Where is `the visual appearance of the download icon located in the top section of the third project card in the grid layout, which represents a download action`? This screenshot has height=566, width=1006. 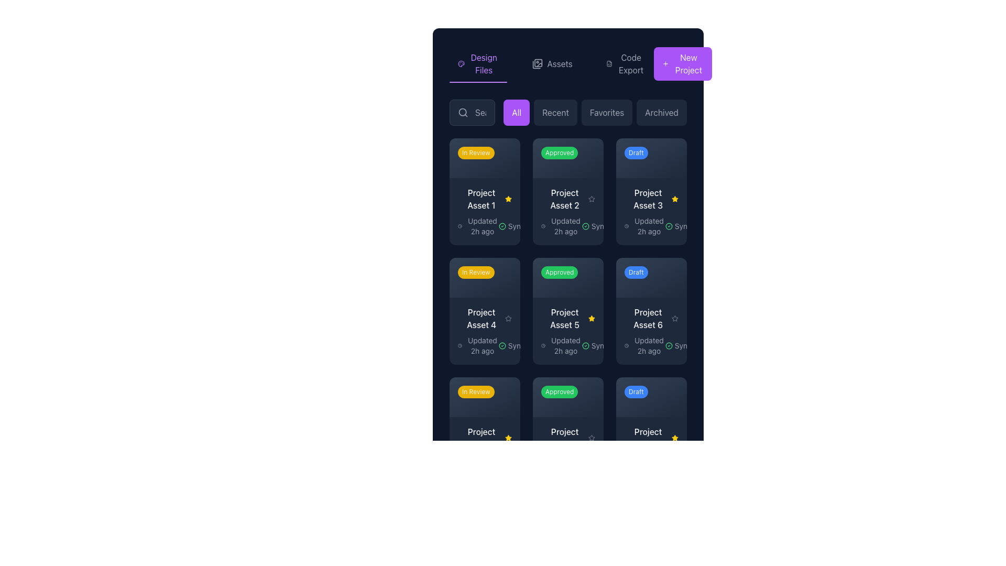
the visual appearance of the download icon located in the top section of the third project card in the grid layout, which represents a download action is located at coordinates (461, 155).